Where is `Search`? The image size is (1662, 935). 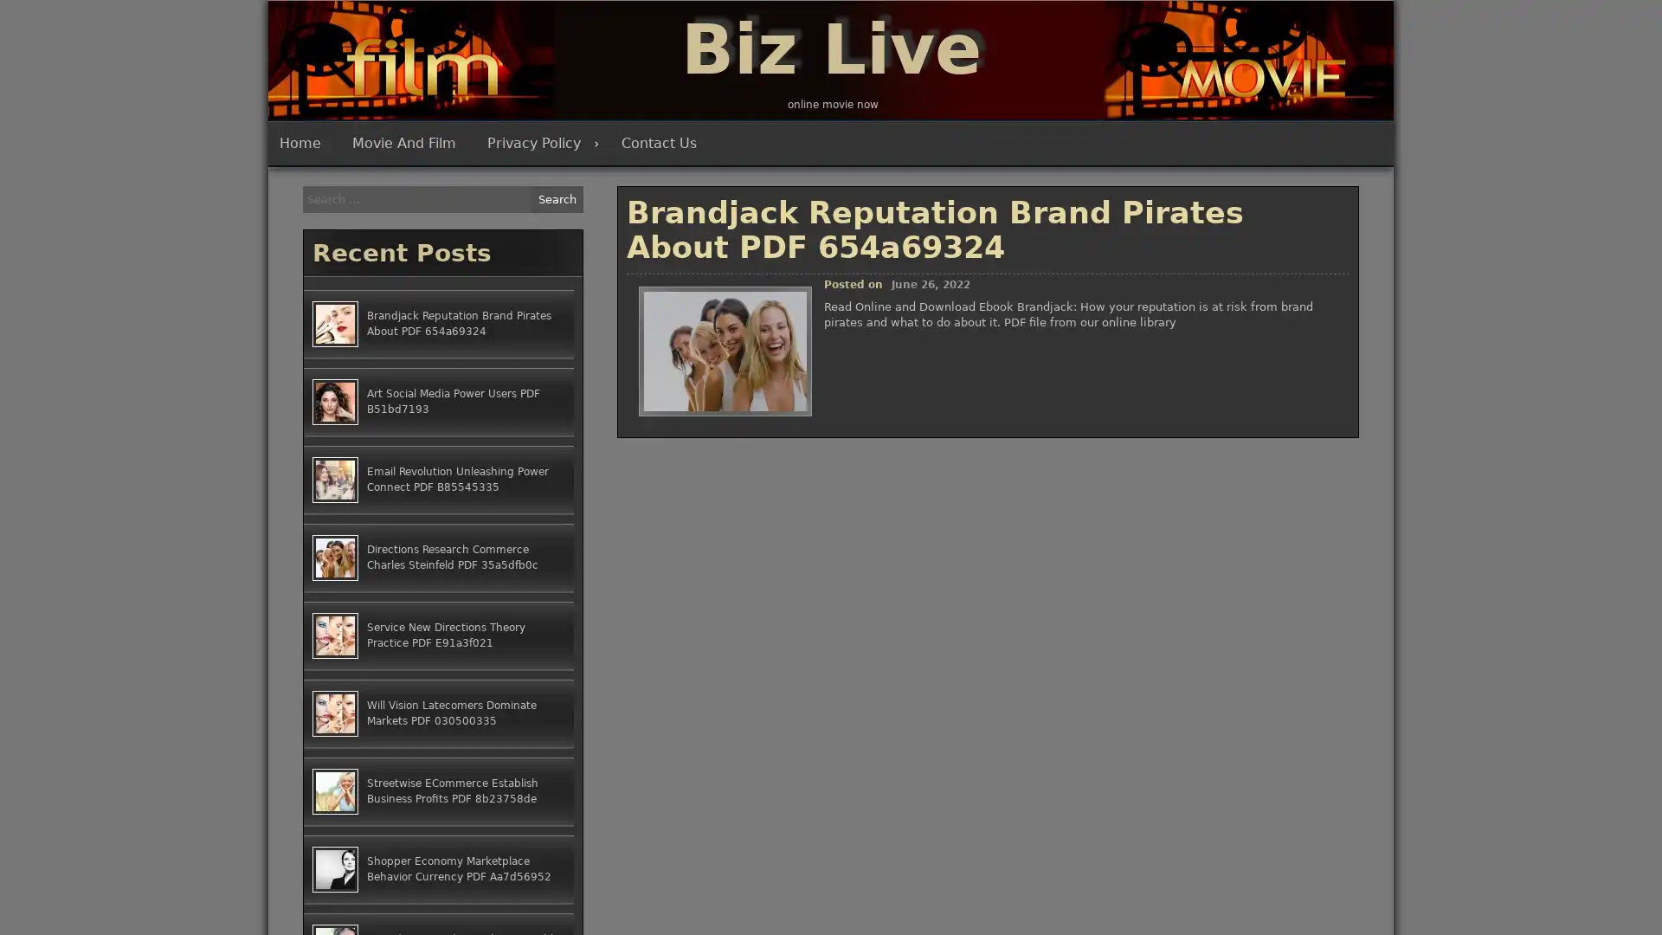 Search is located at coordinates (557, 198).